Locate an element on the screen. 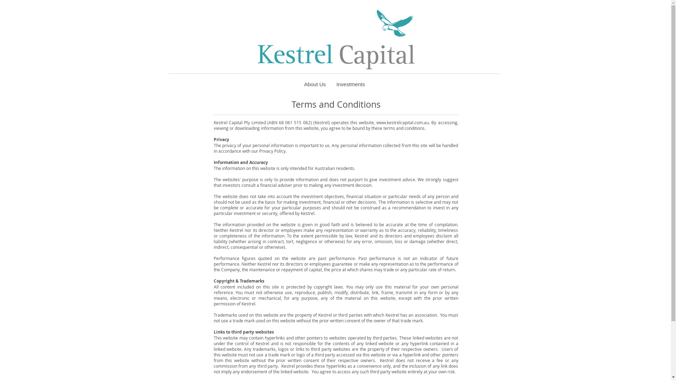 The image size is (676, 380). 'www.kestrelcapital.com.au' is located at coordinates (402, 122).